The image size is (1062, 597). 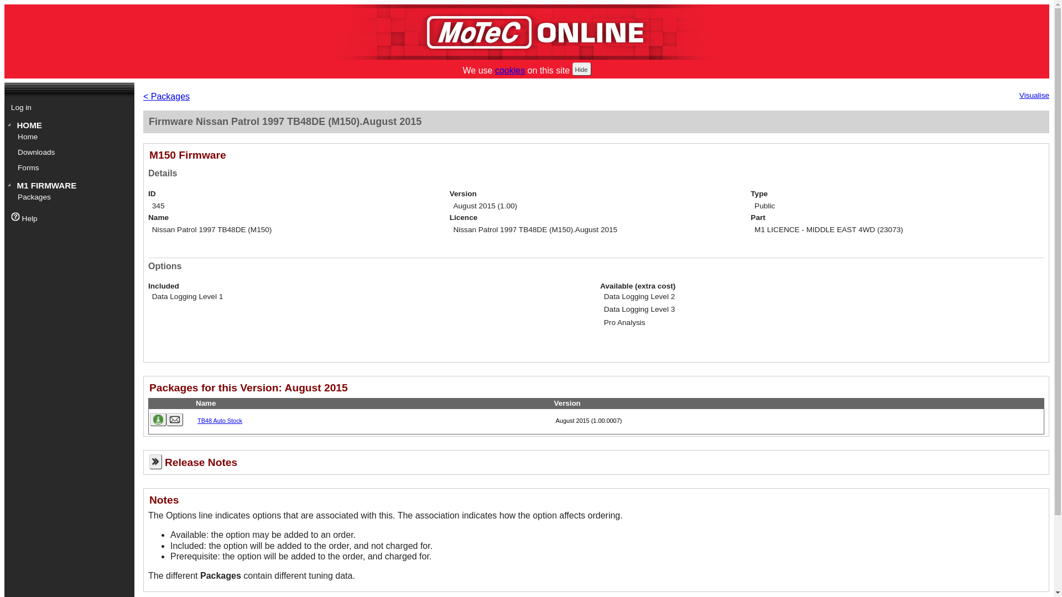 I want to click on 'M1 FIRMWARE', so click(x=8, y=185).